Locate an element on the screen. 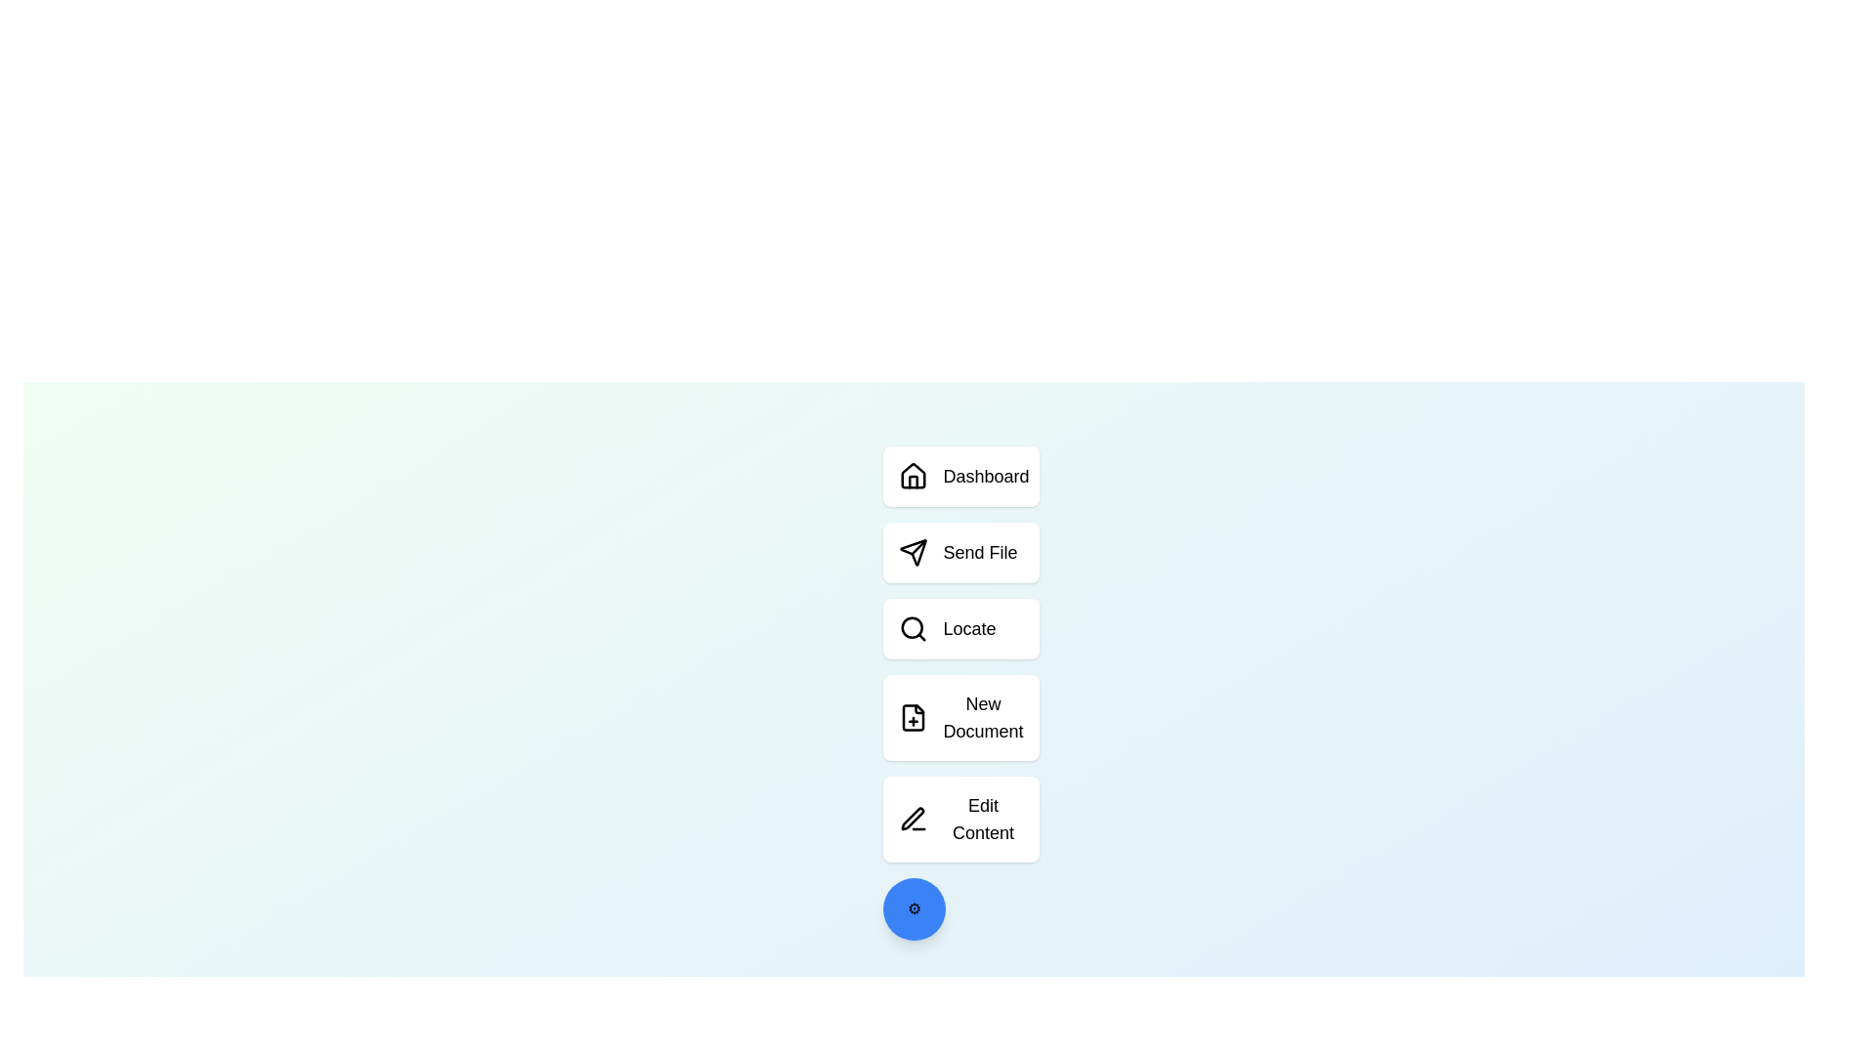 This screenshot has height=1055, width=1876. the Locate button in the menu is located at coordinates (960, 629).